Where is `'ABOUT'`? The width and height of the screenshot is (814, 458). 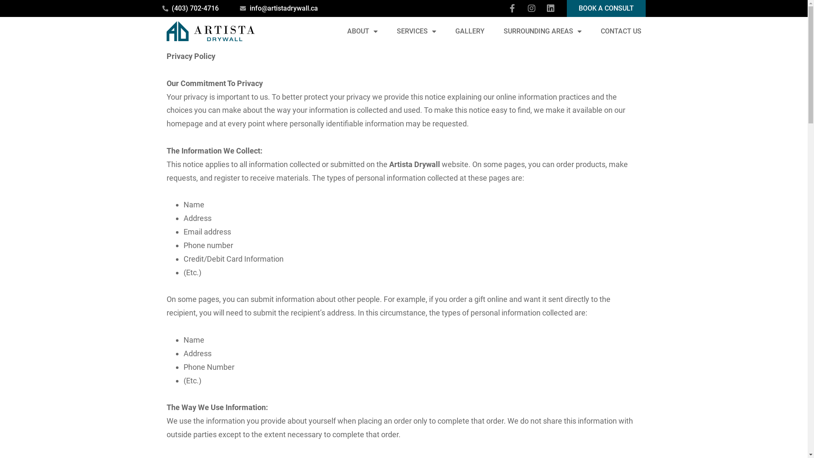 'ABOUT' is located at coordinates (346, 31).